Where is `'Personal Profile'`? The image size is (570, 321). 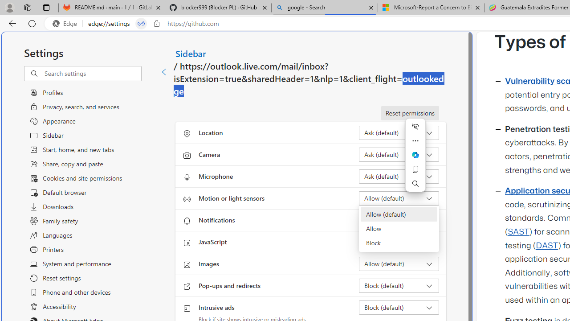 'Personal Profile' is located at coordinates (9, 7).